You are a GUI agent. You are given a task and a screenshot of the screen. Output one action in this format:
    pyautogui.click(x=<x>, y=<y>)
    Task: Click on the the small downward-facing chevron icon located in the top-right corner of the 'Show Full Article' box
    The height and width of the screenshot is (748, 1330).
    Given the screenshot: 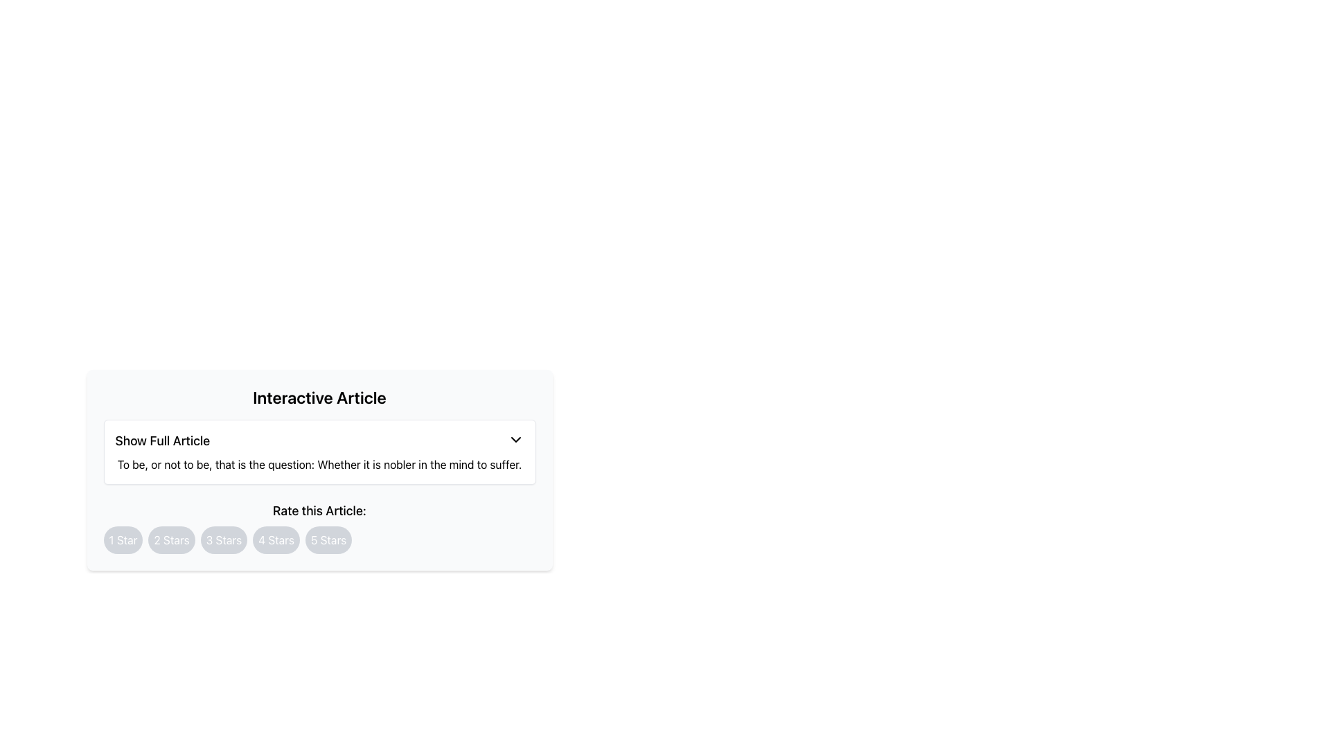 What is the action you would take?
    pyautogui.click(x=515, y=440)
    